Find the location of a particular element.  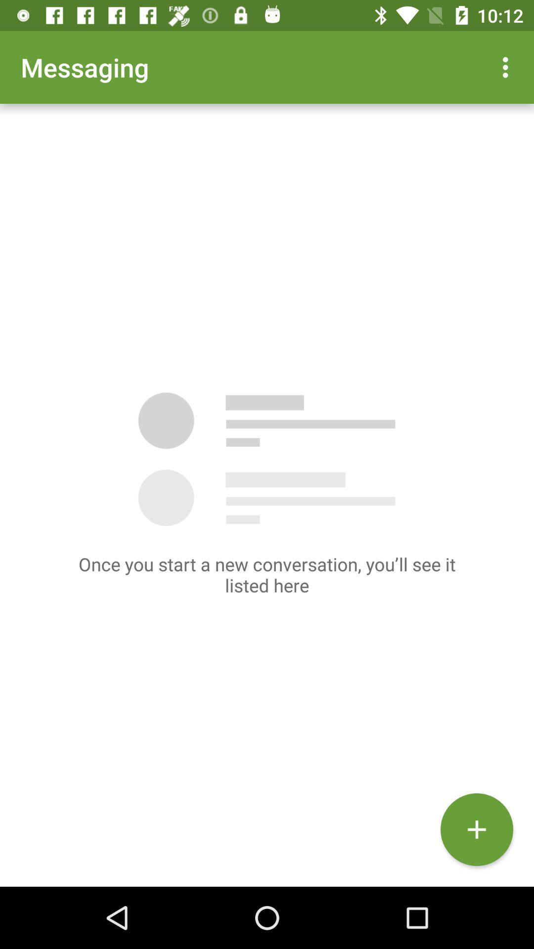

the add icon is located at coordinates (476, 829).